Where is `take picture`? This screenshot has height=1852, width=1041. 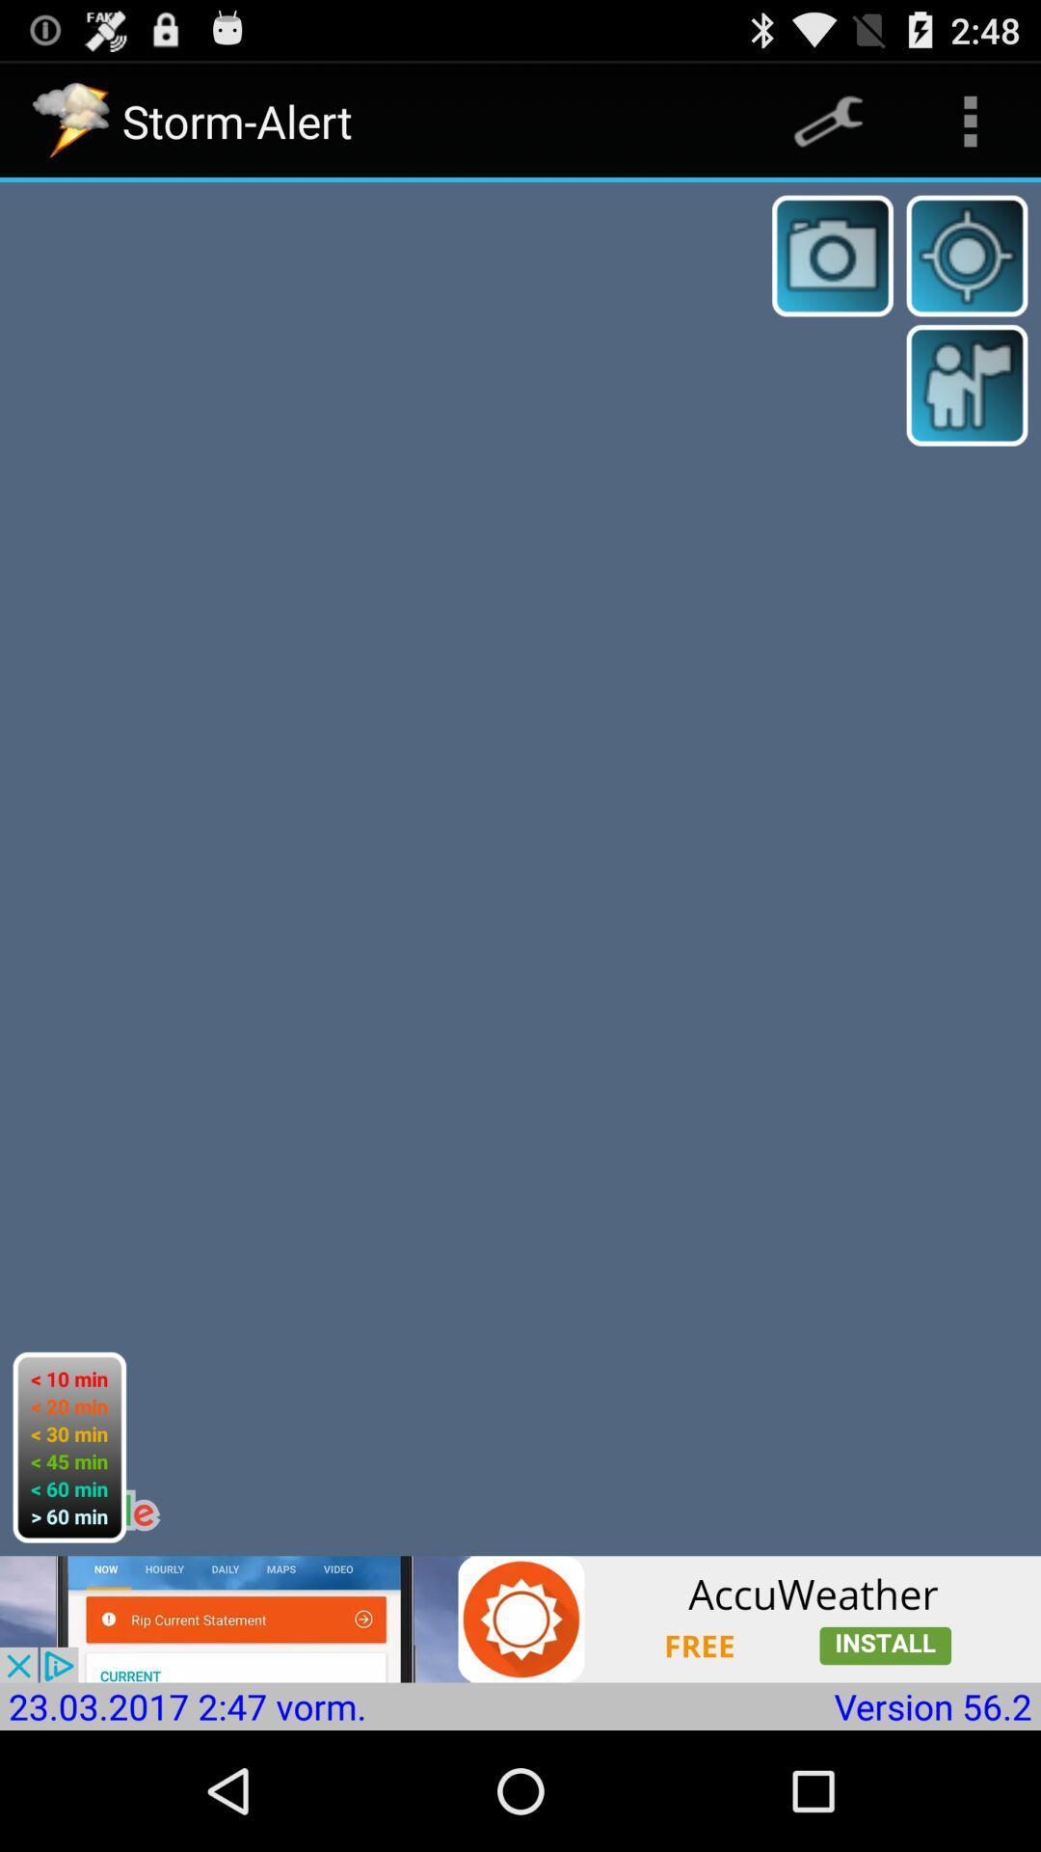
take picture is located at coordinates (832, 255).